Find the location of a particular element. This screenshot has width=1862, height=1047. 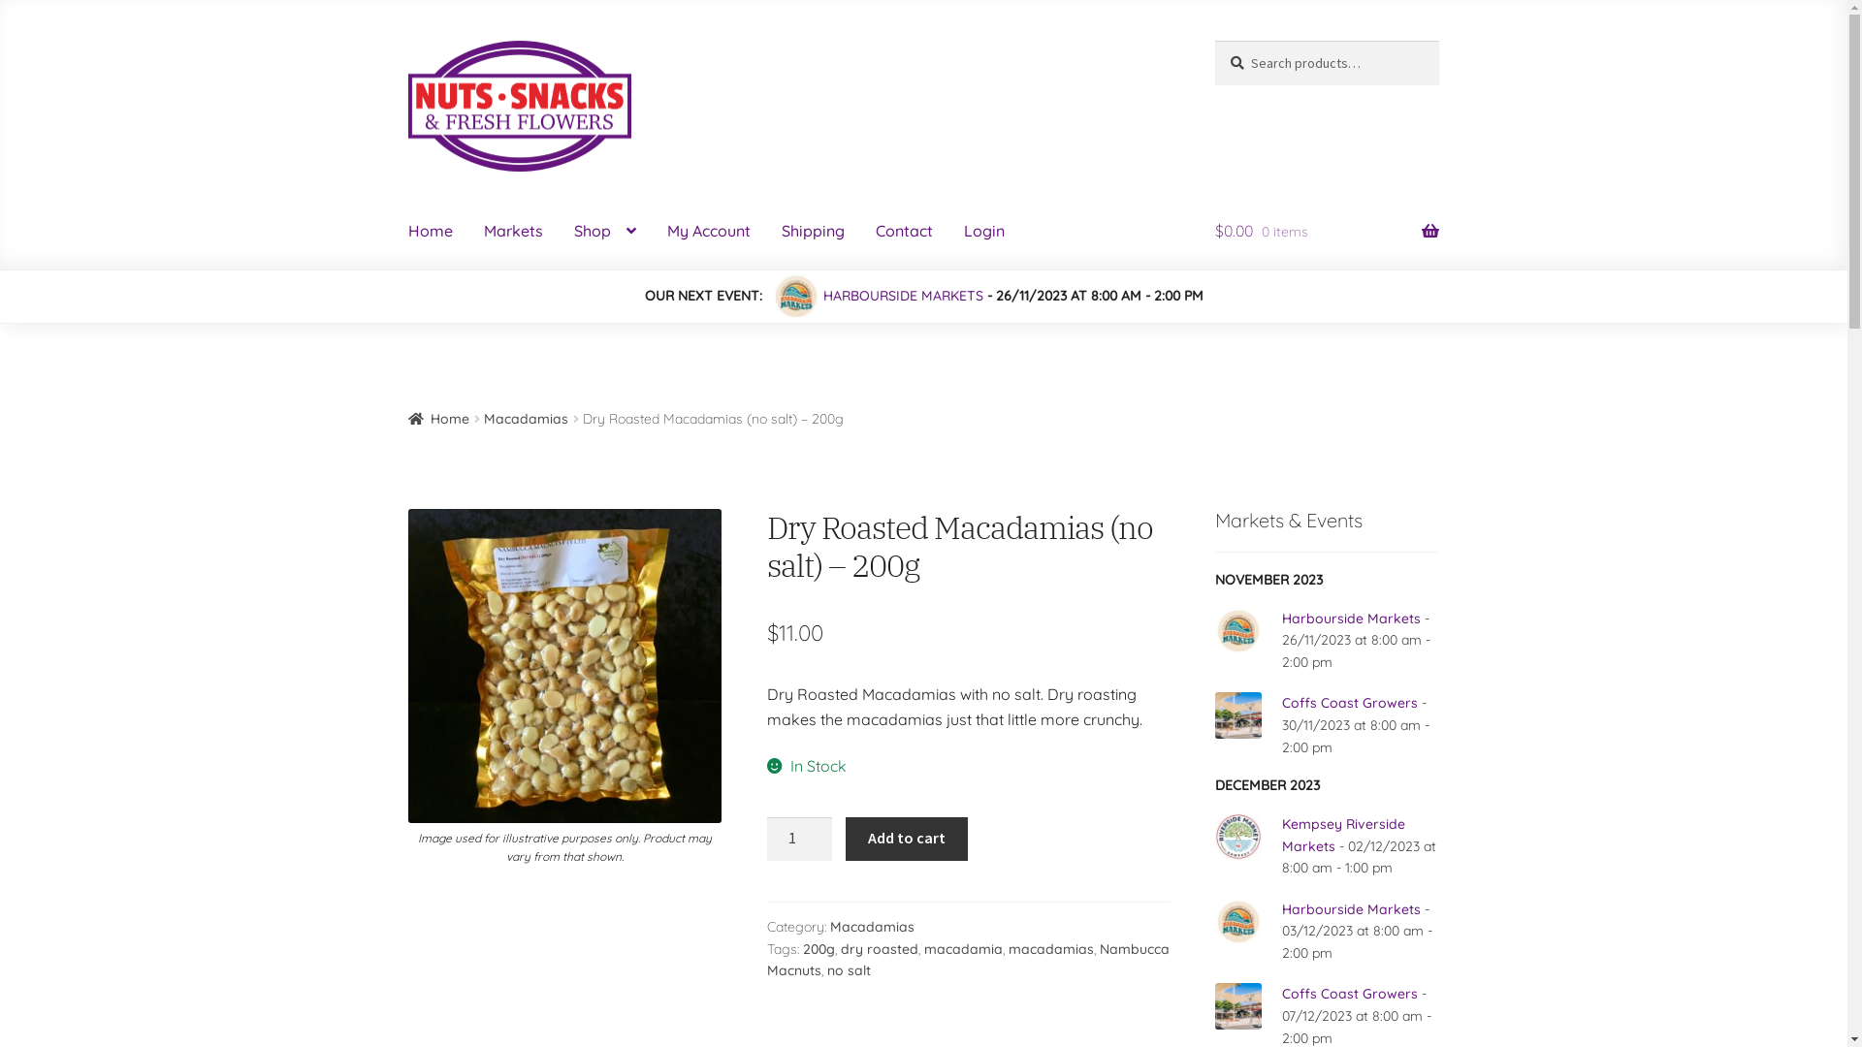

'Markets' is located at coordinates (513, 231).